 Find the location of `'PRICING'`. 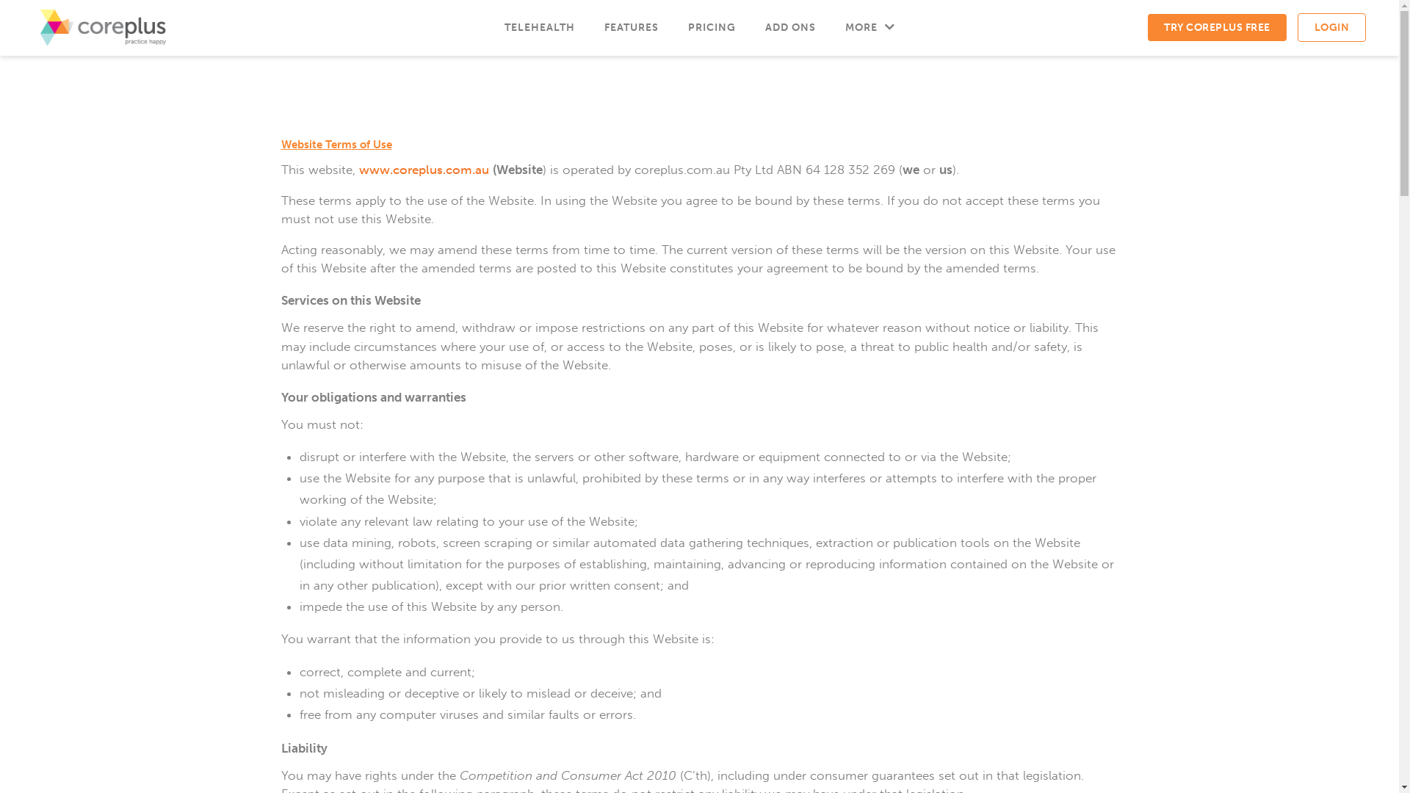

'PRICING' is located at coordinates (672, 27).